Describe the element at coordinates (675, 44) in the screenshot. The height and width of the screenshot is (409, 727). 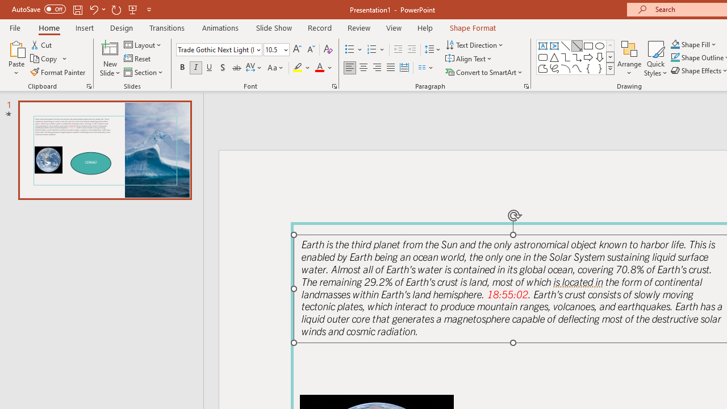
I see `'Shape Fill Aqua, Accent 2'` at that location.